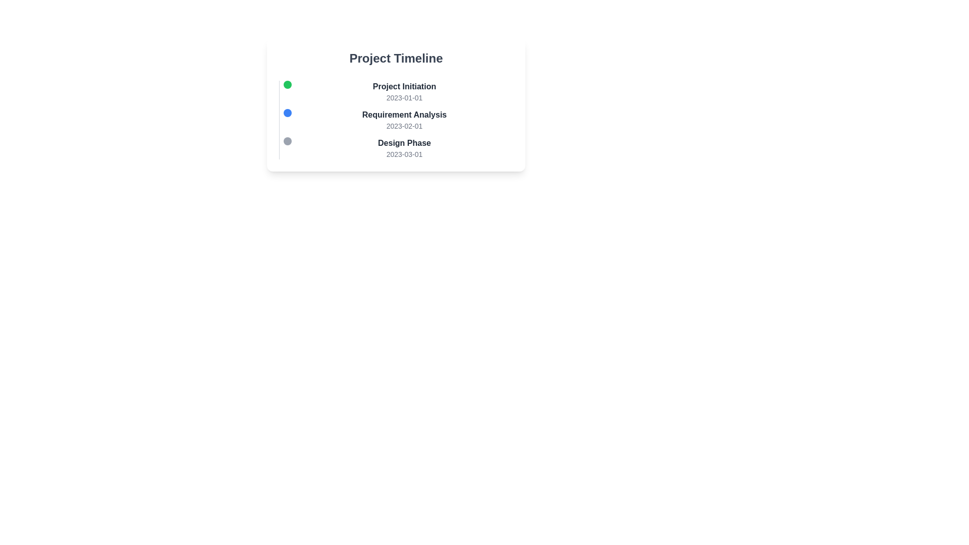  What do you see at coordinates (400, 120) in the screenshot?
I see `the Timeline entry that reads 'Requirement Analysis' with the date '2023-02-01' and a blue circular icon to its left` at bounding box center [400, 120].